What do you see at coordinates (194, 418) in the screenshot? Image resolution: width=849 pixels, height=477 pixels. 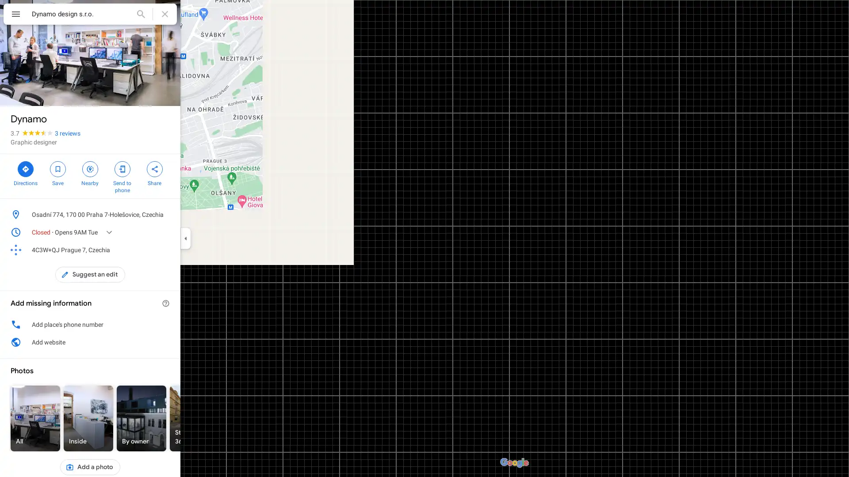 I see `Street View & 360` at bounding box center [194, 418].